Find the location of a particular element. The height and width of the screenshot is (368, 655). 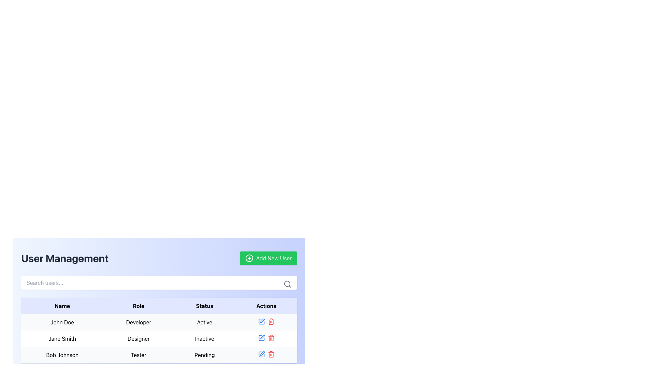

the blue edit icon button located in the 'Actions' column of the third row for 'Bob Johnson' to initiate the edit action is located at coordinates (261, 354).